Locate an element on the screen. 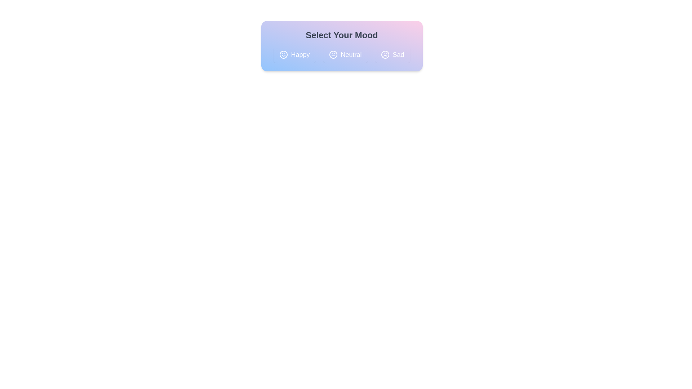 The width and height of the screenshot is (692, 389). the Sad chip to observe visual feedback is located at coordinates (392, 54).